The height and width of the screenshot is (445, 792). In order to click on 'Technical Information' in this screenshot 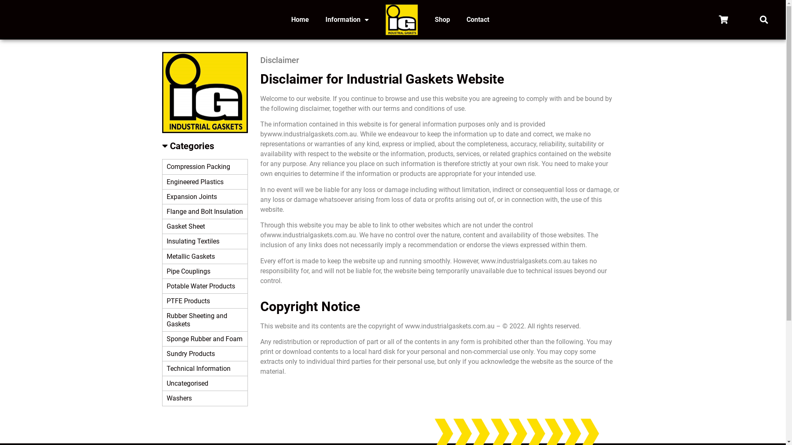, I will do `click(205, 368)`.